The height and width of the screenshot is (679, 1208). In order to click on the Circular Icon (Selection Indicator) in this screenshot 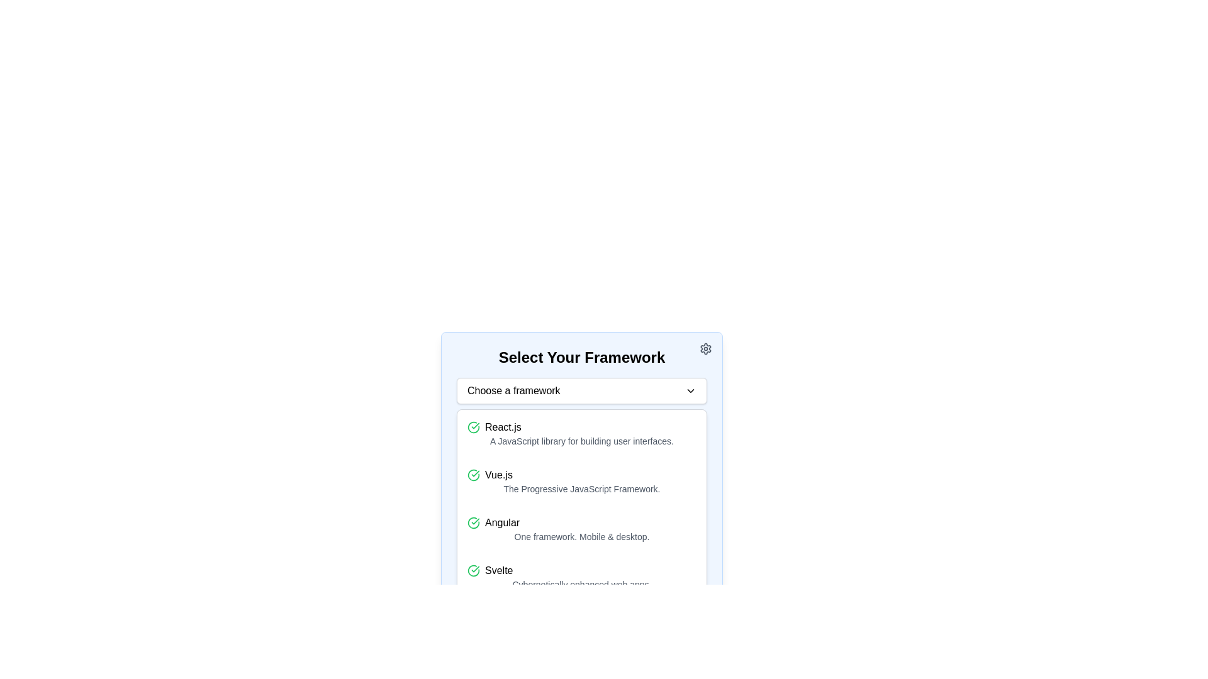, I will do `click(473, 475)`.